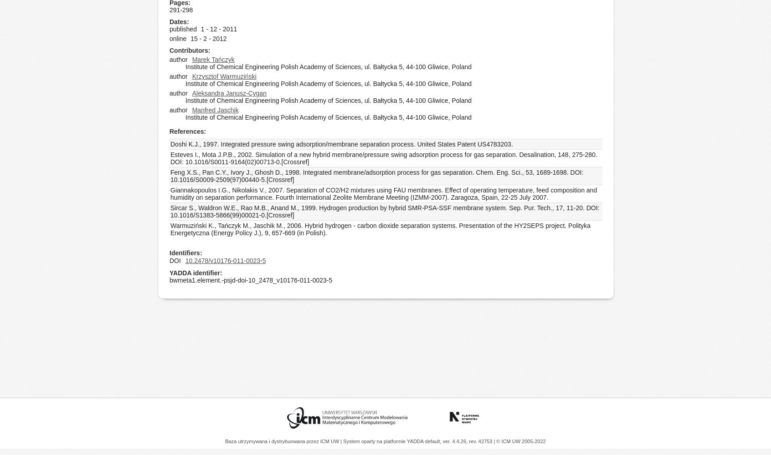 The width and height of the screenshot is (771, 455). I want to click on 'Giannakopoulos I.G., Nikolakis V., 2007. Separation of CO2/H2 mixtures using FAU membranes. Effect of operating temperature, feed composition and humidity on separation performance. Fourth International Zeolite Membrane Meeting (IZMM-2007). Zaragoza, Spain, 22-25 July 2007.', so click(383, 194).